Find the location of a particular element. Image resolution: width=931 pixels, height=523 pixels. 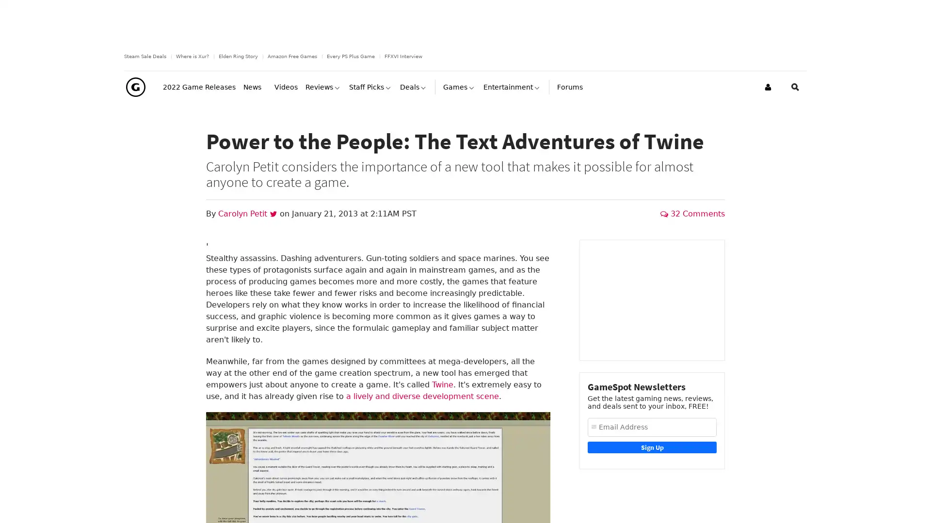

Sign Up is located at coordinates (652, 465).